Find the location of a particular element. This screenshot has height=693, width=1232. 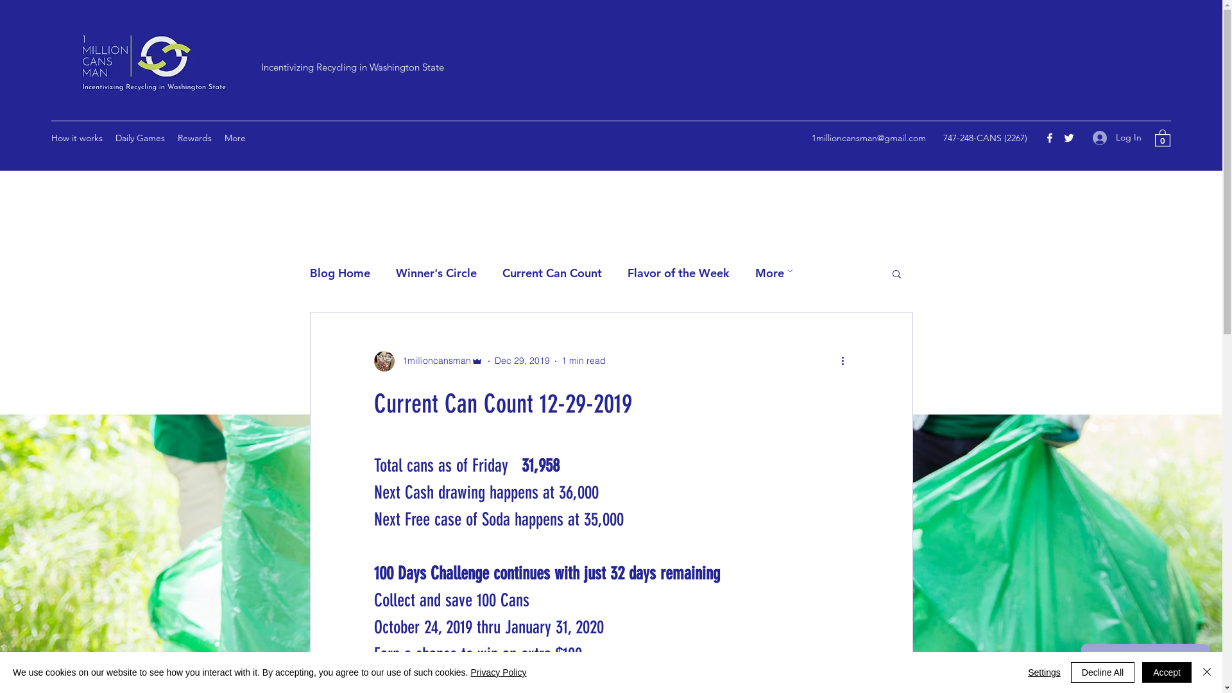

'How it works' is located at coordinates (45, 138).